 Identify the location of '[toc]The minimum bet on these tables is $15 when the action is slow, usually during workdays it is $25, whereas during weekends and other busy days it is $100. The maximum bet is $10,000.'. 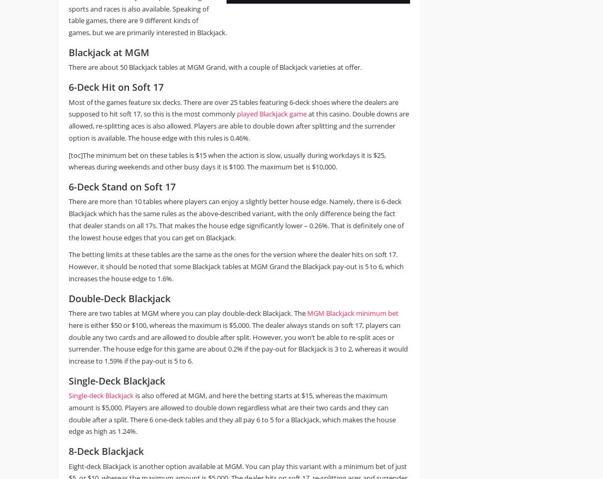
(227, 160).